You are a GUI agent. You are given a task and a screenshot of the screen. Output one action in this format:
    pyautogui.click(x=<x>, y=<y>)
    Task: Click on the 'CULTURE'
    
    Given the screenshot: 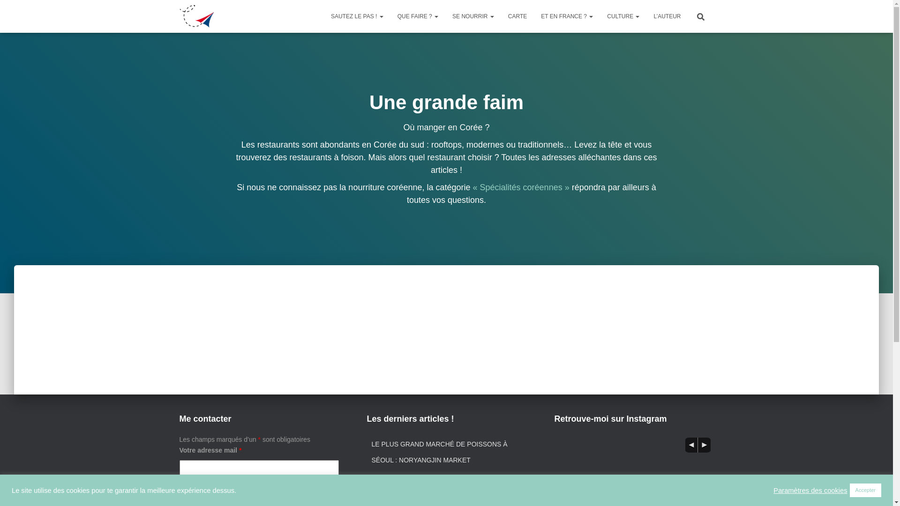 What is the action you would take?
    pyautogui.click(x=623, y=16)
    